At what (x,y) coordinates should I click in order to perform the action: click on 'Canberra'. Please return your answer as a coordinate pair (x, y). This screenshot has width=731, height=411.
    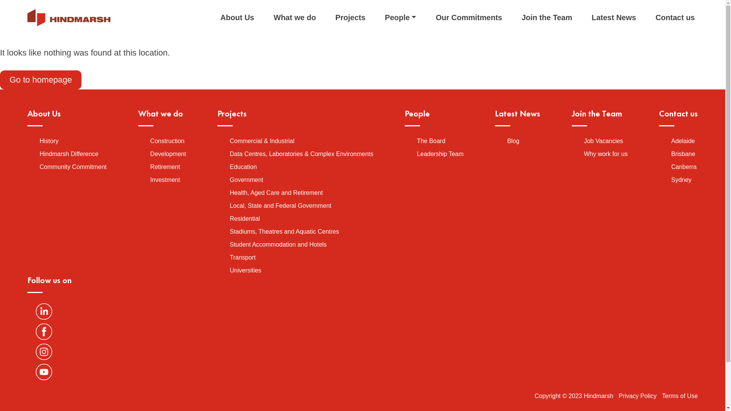
    Looking at the image, I should click on (684, 166).